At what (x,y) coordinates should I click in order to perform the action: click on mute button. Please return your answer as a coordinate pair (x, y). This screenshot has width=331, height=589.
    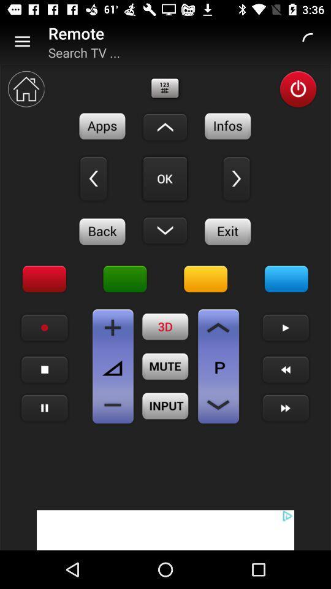
    Looking at the image, I should click on (165, 366).